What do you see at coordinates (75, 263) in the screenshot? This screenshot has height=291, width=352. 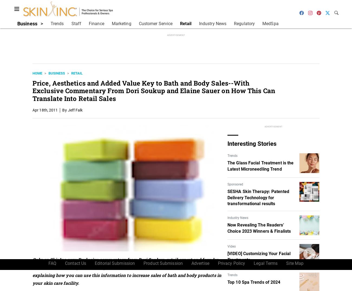 I see `'Contact Us'` at bounding box center [75, 263].